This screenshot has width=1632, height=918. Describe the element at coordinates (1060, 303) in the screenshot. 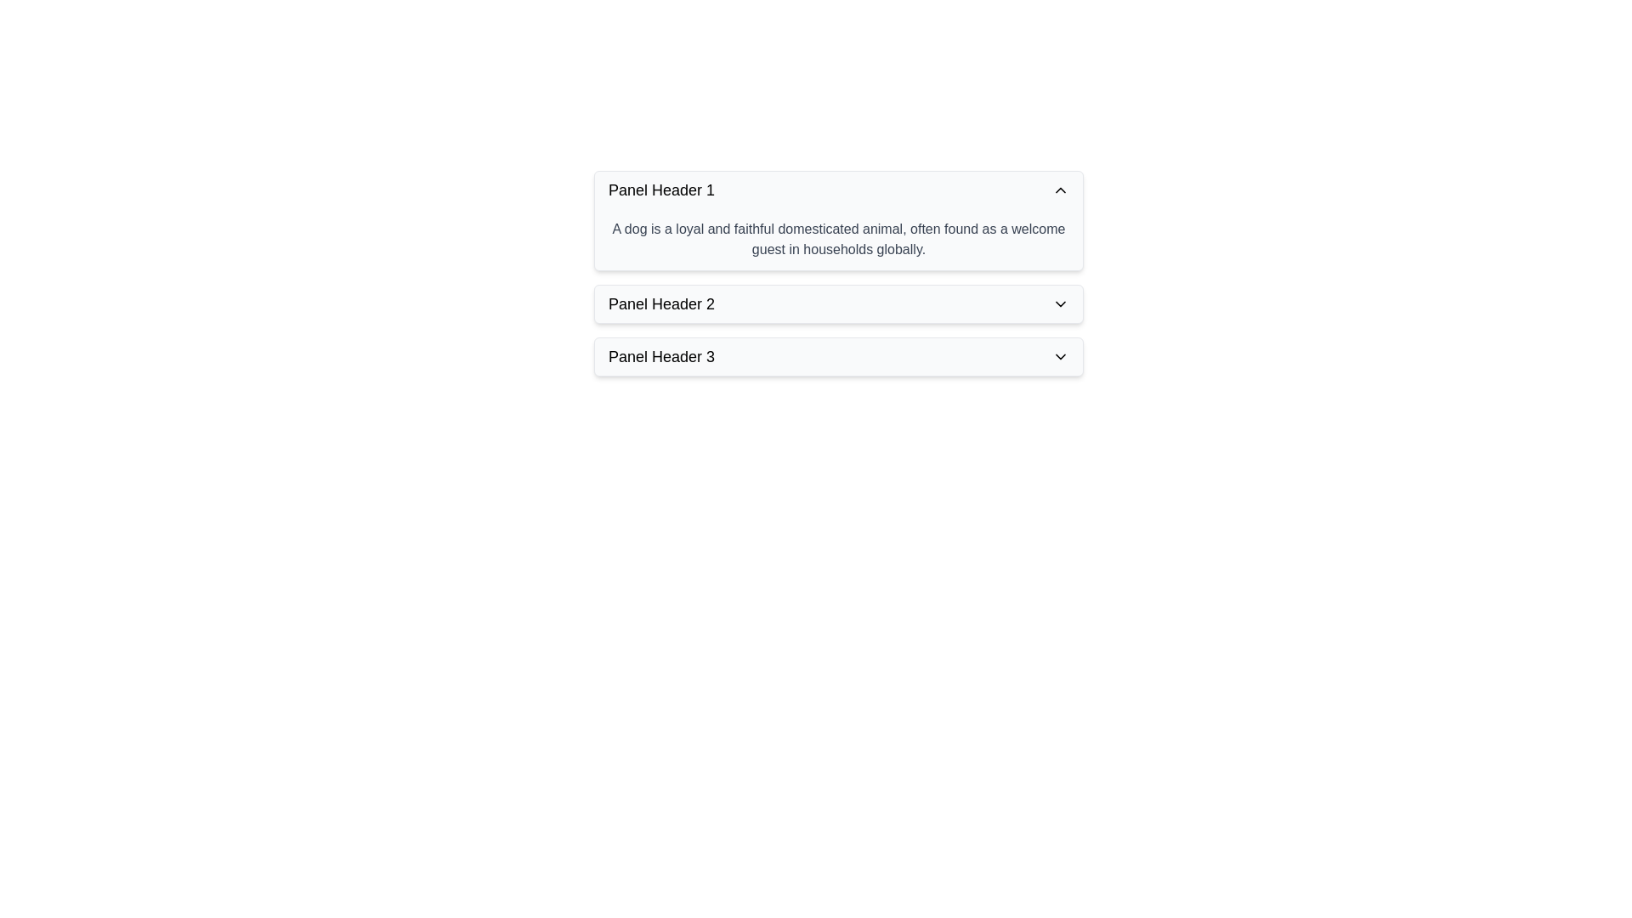

I see `the Chevron icon at the right end of 'Panel Header 2'` at that location.